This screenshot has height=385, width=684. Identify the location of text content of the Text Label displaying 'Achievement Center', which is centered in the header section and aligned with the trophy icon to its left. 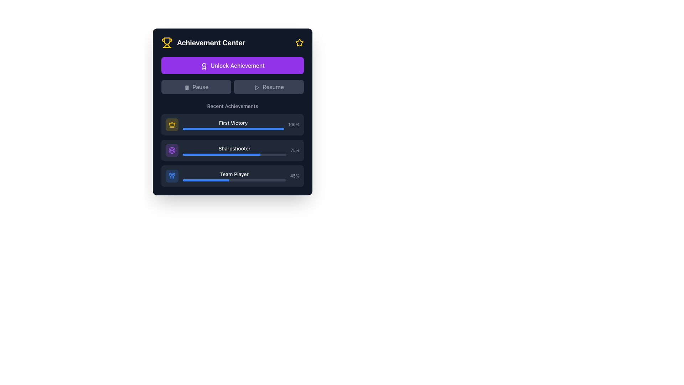
(211, 42).